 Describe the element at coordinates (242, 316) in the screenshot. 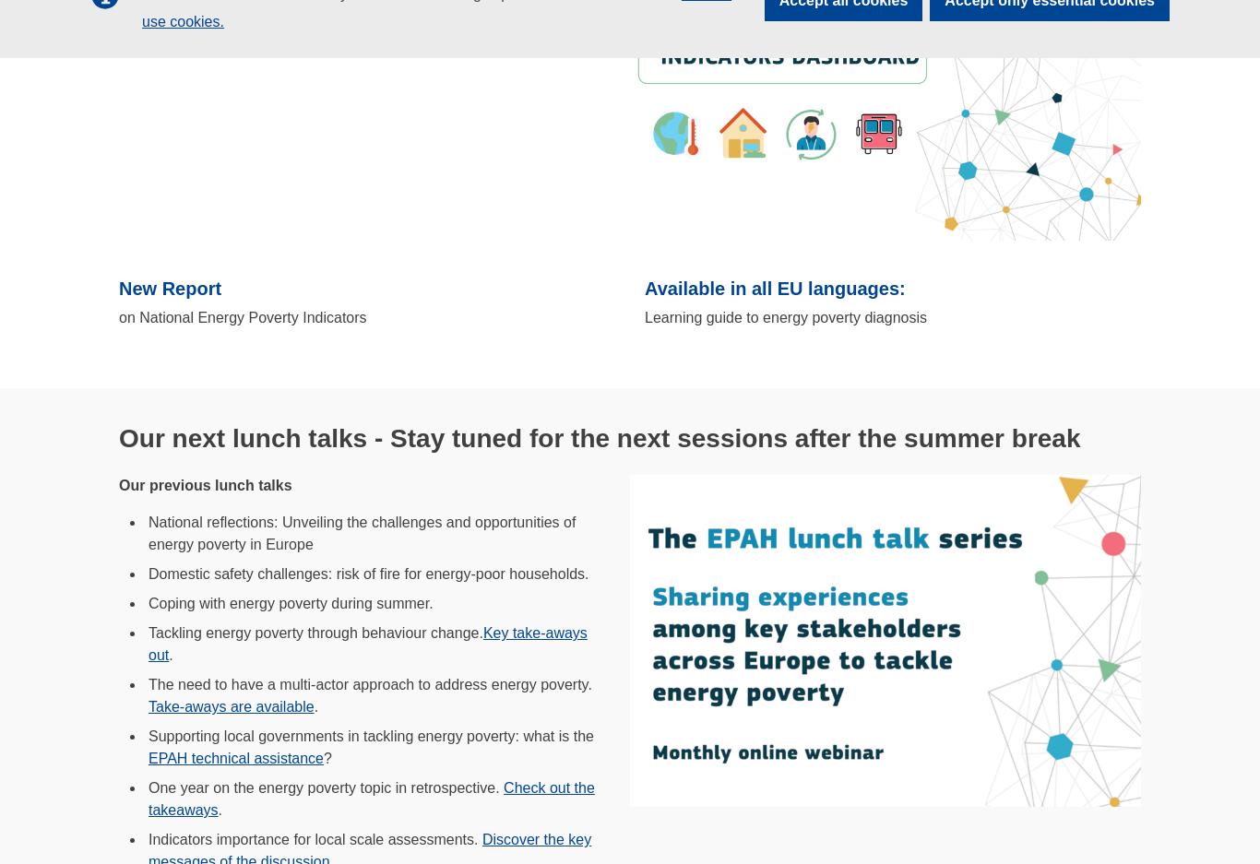

I see `'on National Energy Poverty Indicators'` at that location.